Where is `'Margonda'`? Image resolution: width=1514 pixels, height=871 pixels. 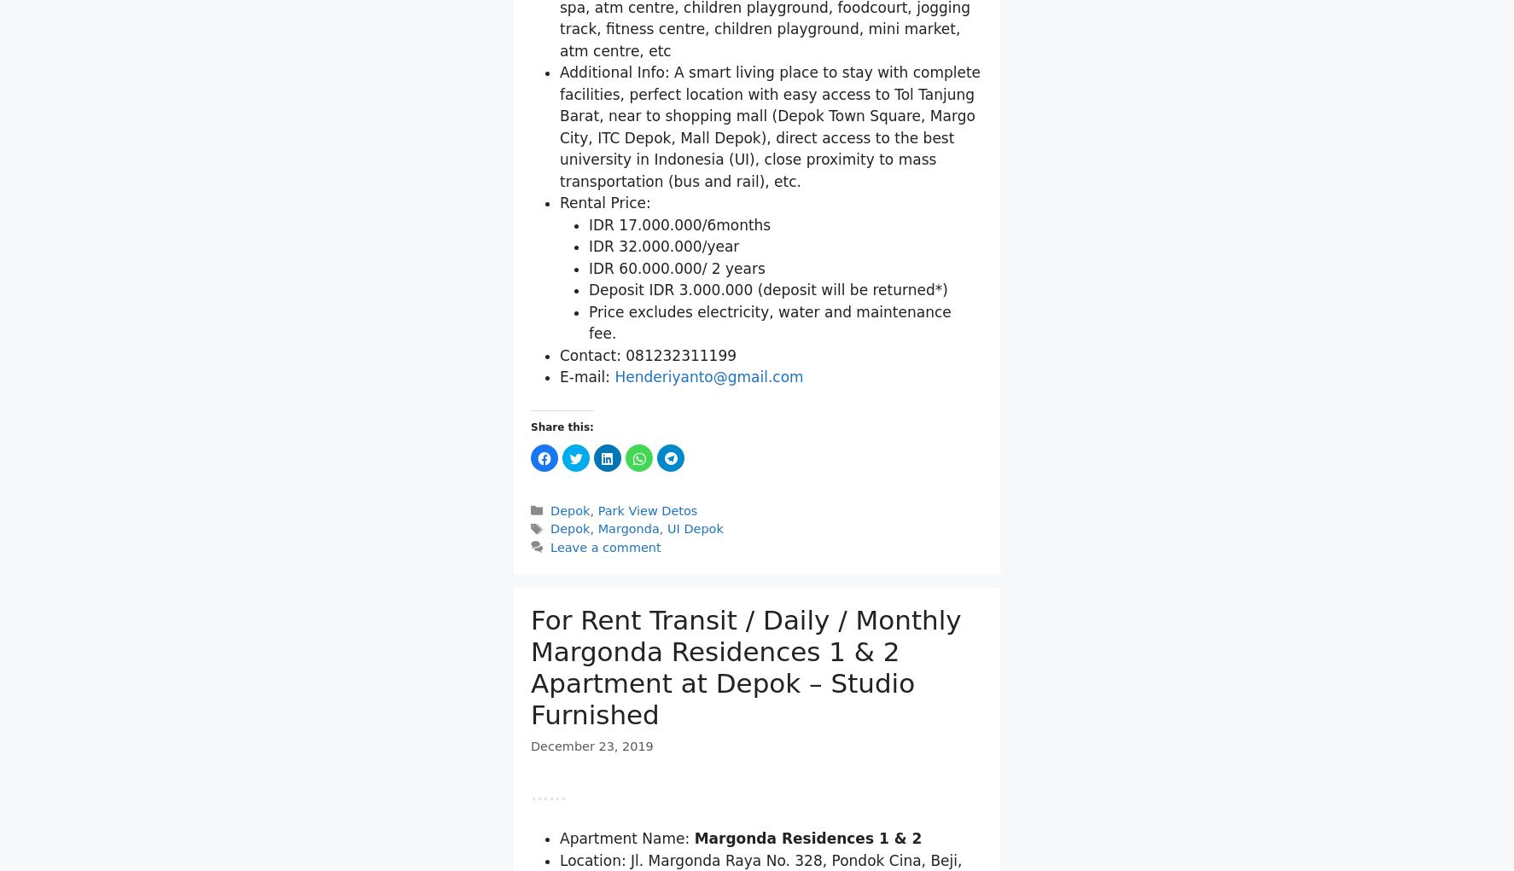
'Margonda' is located at coordinates (627, 728).